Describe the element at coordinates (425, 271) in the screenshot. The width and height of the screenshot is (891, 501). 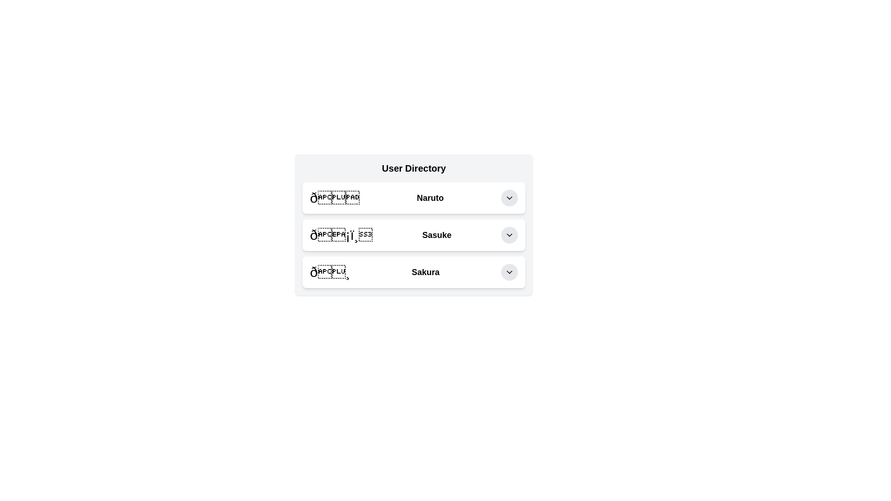
I see `the text 'Sakura' which is displayed in bold within the third entry row of the 'User Directory' list` at that location.